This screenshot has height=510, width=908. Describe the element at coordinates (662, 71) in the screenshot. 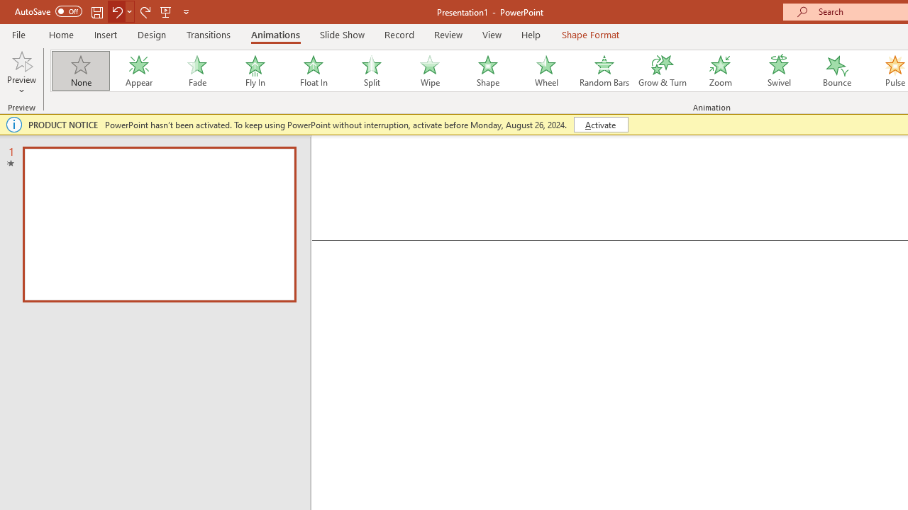

I see `'Grow & Turn'` at that location.